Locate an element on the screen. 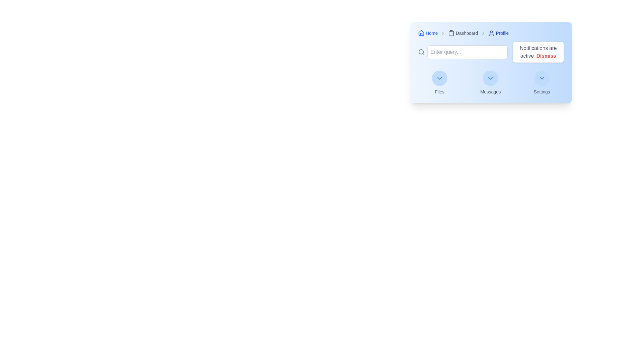 The image size is (618, 348). the chevron icon located in the bottom-right corner of the card interface is located at coordinates (541, 78).